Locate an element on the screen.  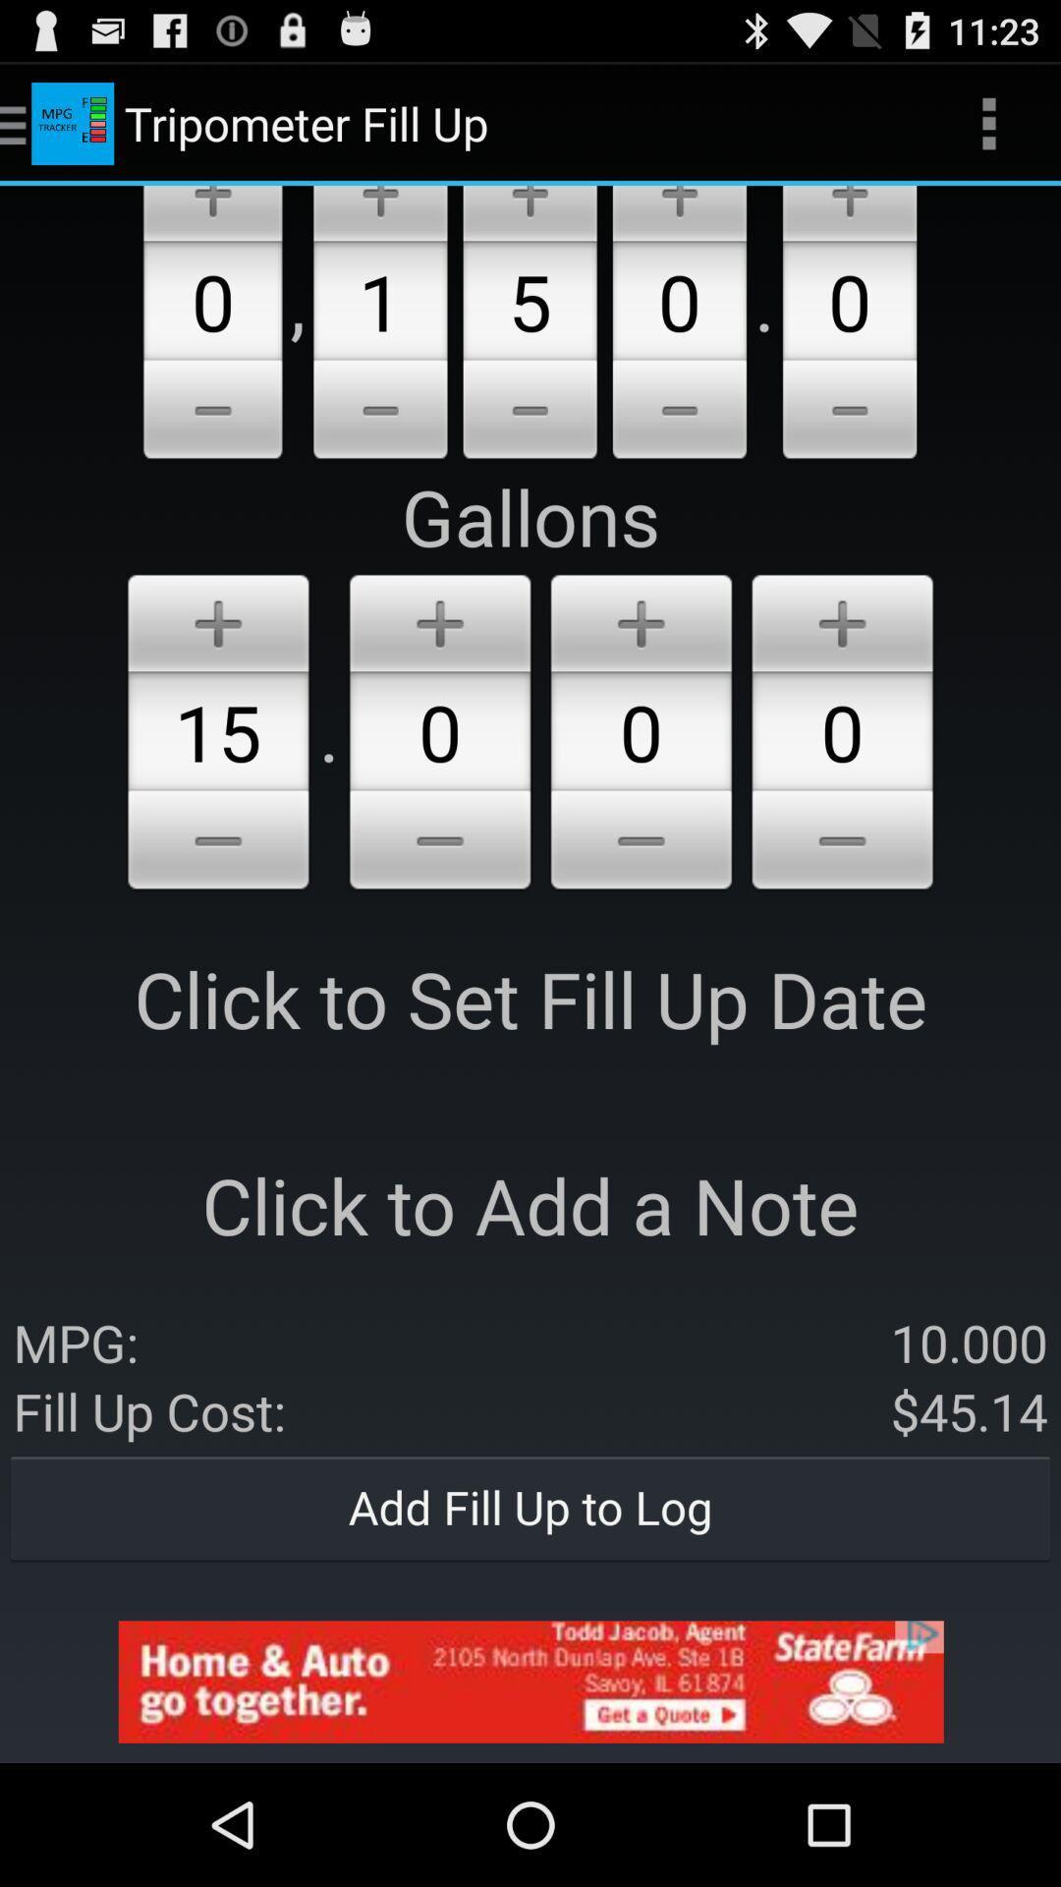
minus option is located at coordinates (641, 843).